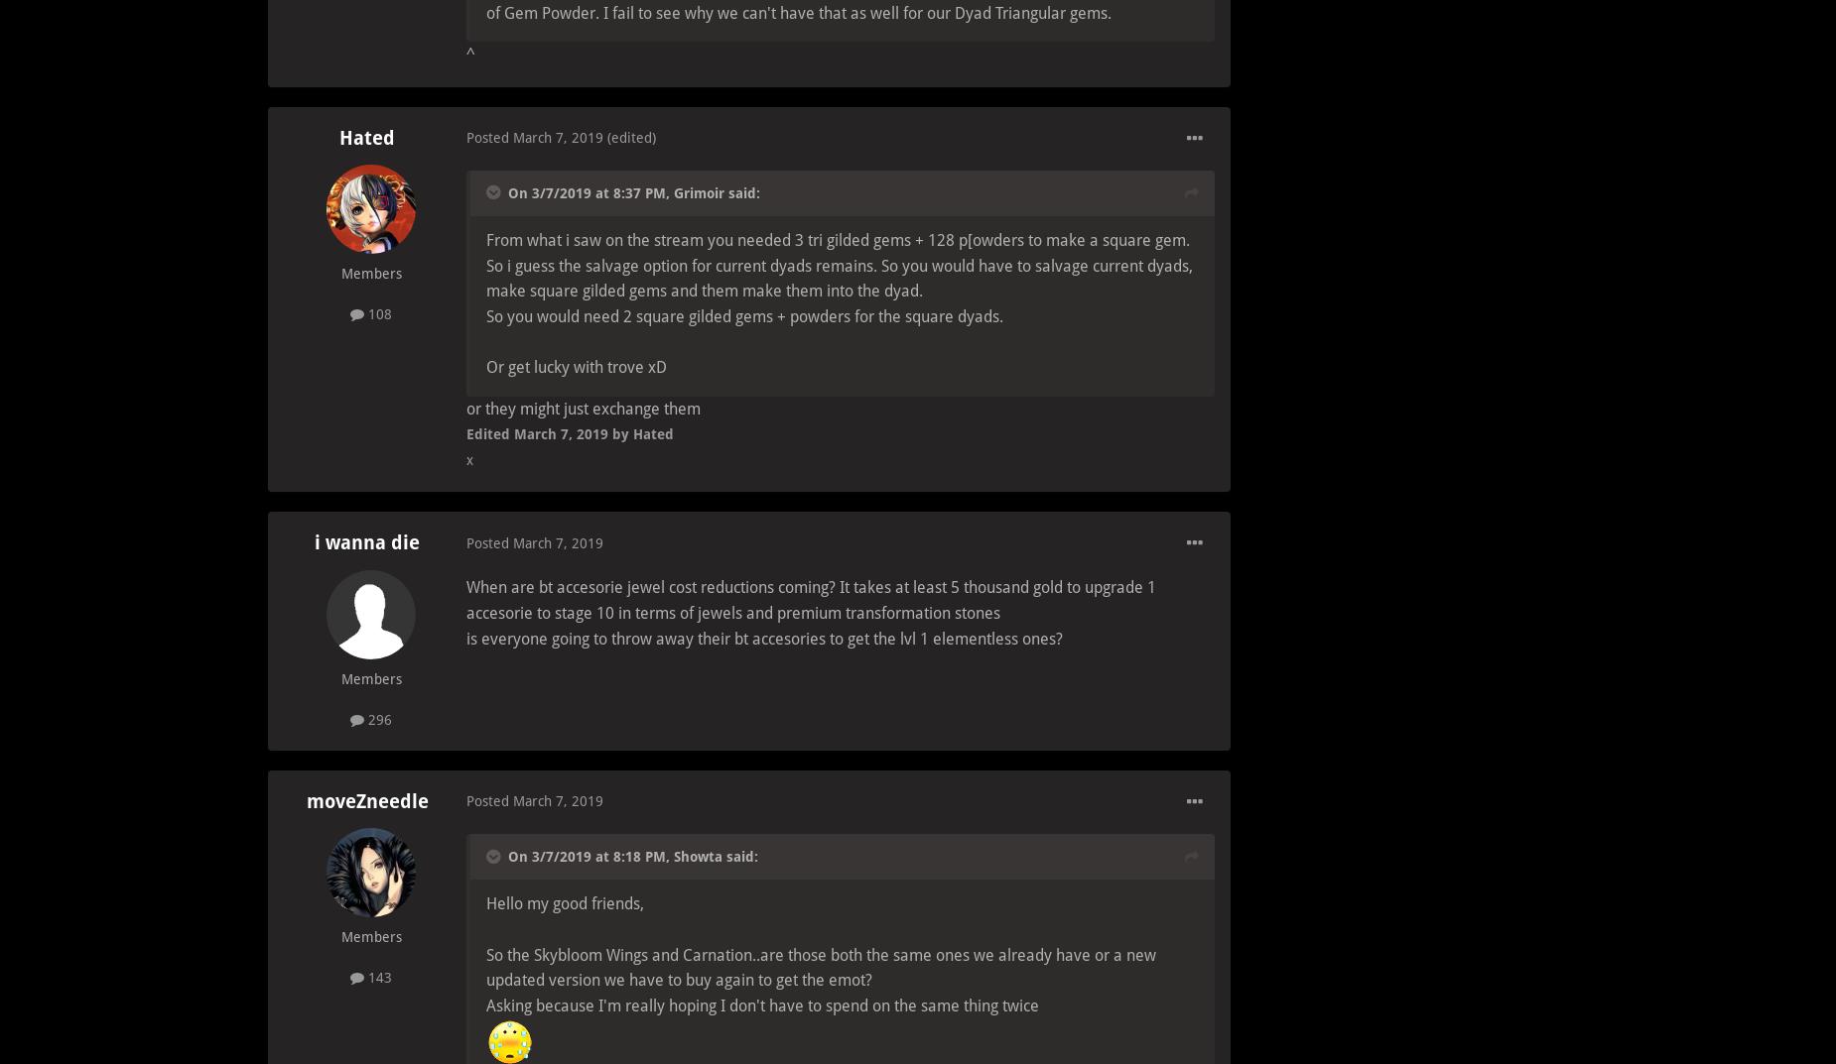 This screenshot has width=1836, height=1064. I want to click on 'x', so click(469, 458).